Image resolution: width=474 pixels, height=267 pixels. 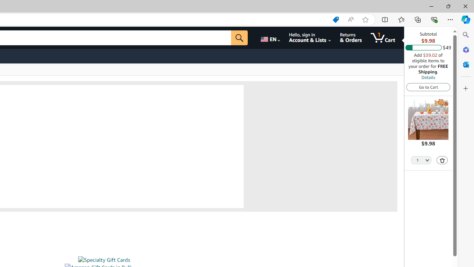 I want to click on 'Go to Cart', so click(x=428, y=86).